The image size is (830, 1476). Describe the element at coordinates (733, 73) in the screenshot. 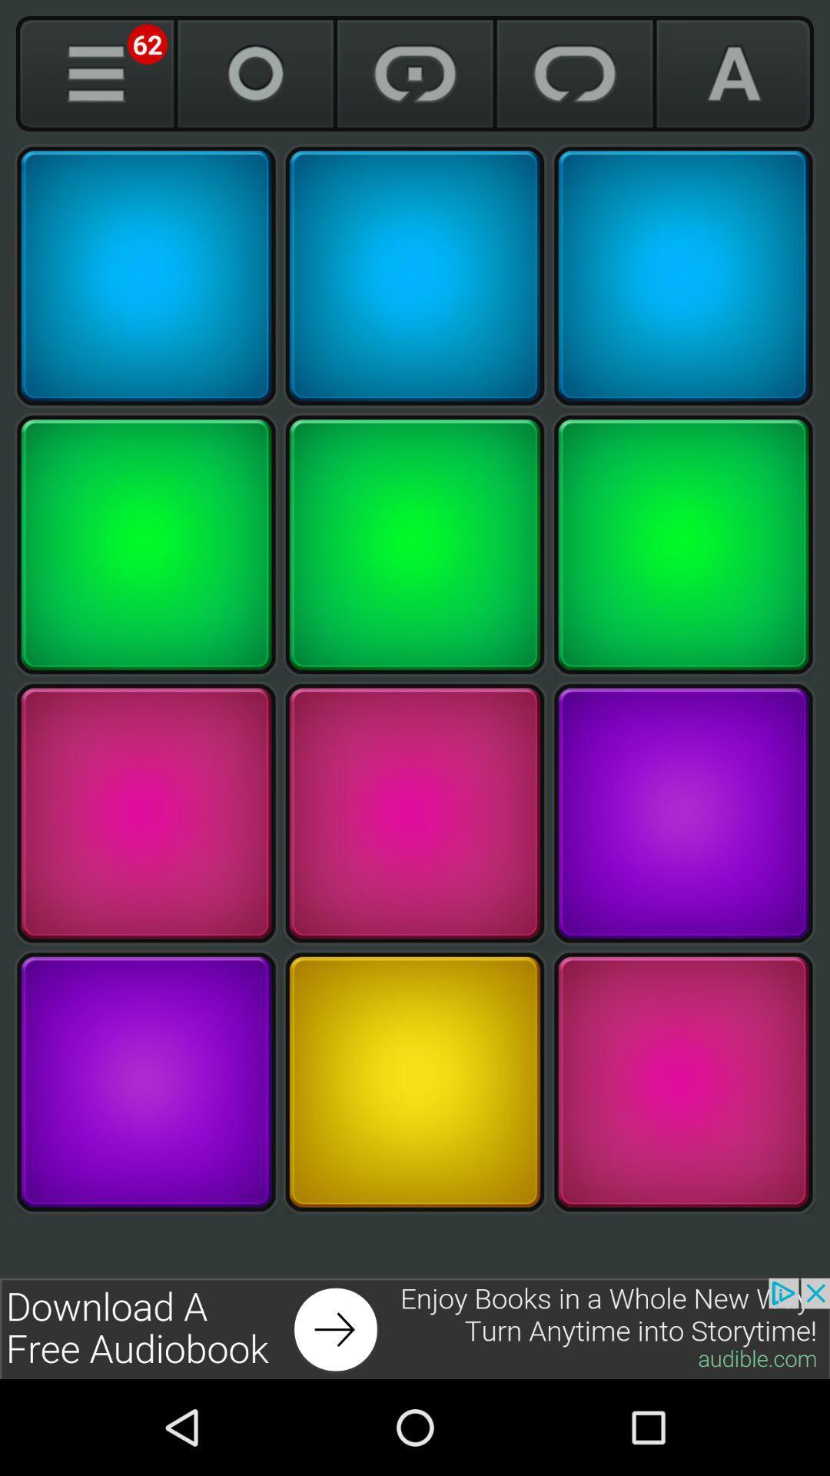

I see `the font icon` at that location.